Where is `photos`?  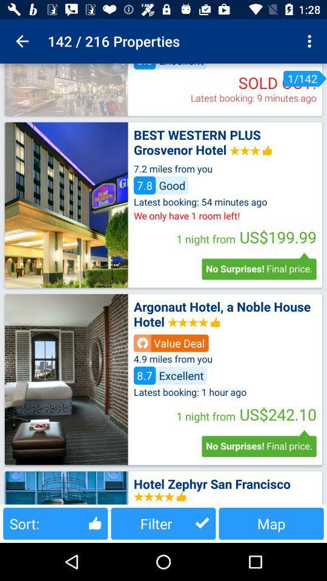
photos is located at coordinates (66, 379).